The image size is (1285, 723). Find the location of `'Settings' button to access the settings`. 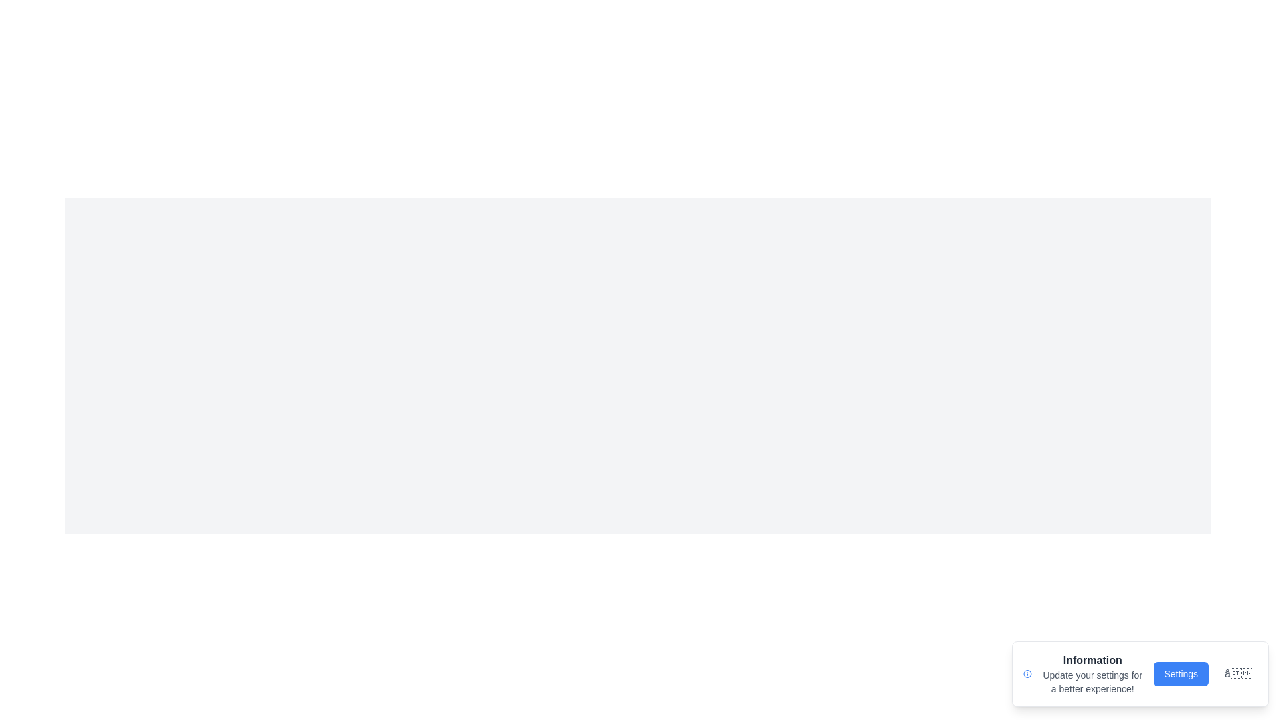

'Settings' button to access the settings is located at coordinates (1181, 673).